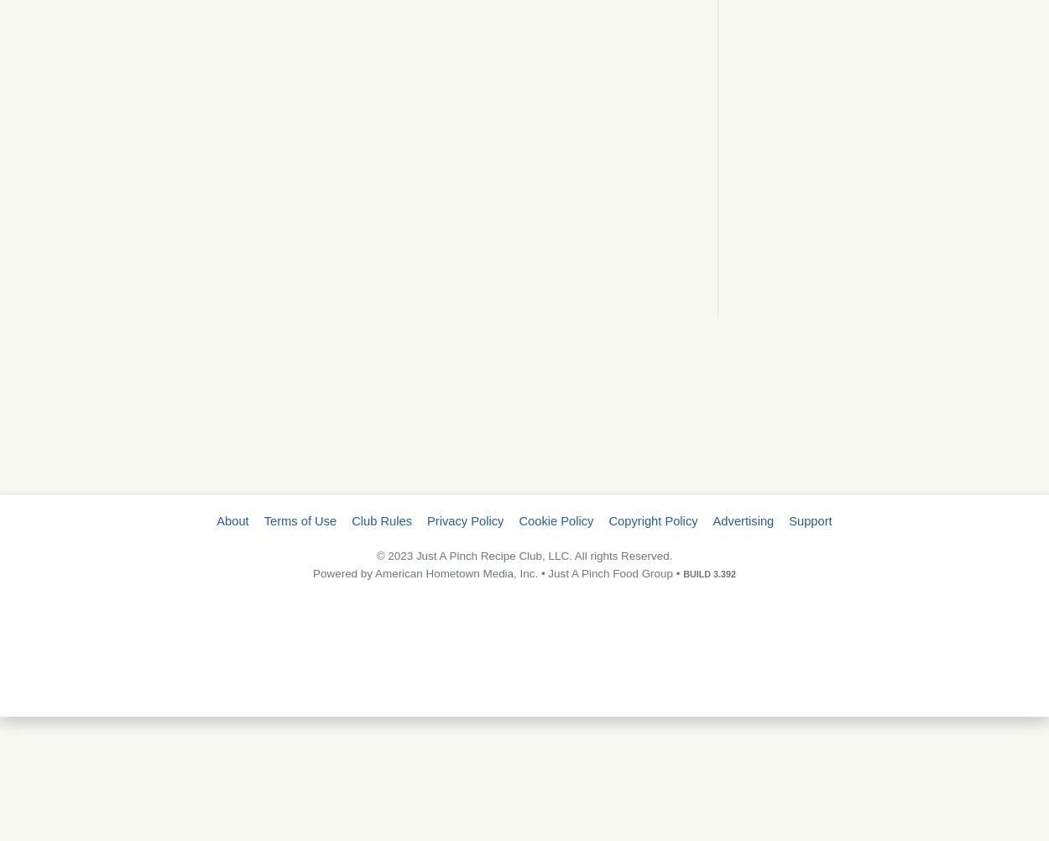  I want to click on 'Advertising', so click(743, 520).